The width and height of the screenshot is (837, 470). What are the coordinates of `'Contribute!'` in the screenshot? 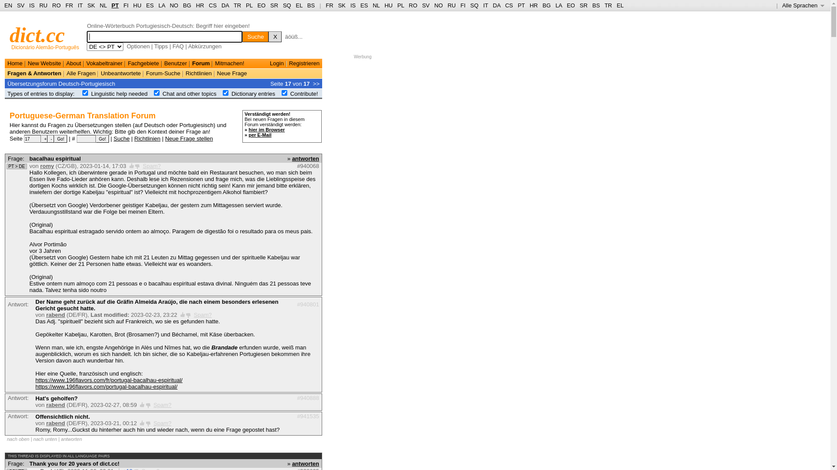 It's located at (304, 94).